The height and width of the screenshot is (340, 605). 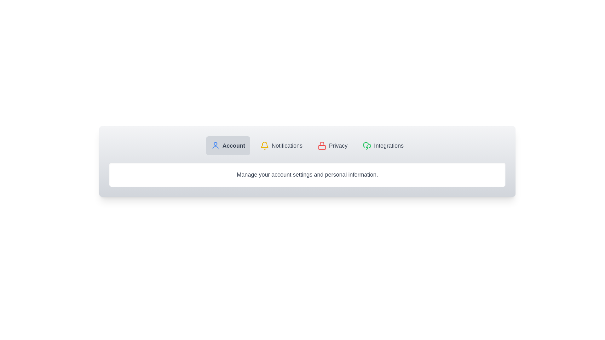 What do you see at coordinates (307, 175) in the screenshot?
I see `the textual label that reads 'Manage your account settings and personal information.' which is styled with a gray font color and centered alignment` at bounding box center [307, 175].